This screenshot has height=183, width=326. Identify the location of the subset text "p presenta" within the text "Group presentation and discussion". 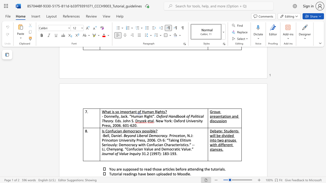
(218, 111).